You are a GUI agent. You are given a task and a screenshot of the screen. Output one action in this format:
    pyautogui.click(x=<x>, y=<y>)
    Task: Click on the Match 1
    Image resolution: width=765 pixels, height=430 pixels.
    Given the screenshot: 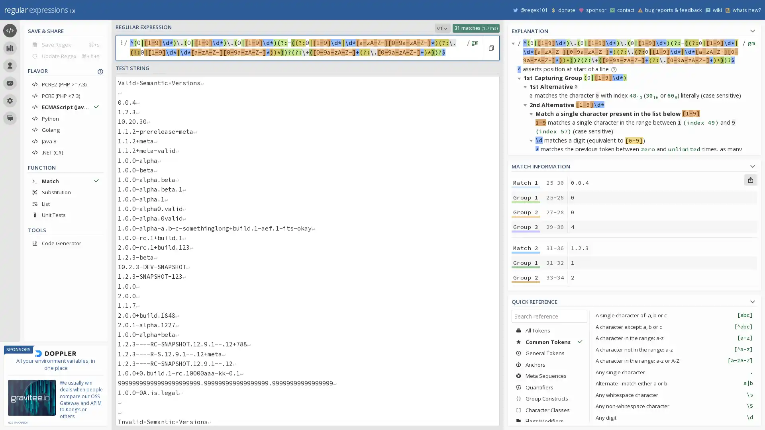 What is the action you would take?
    pyautogui.click(x=526, y=183)
    